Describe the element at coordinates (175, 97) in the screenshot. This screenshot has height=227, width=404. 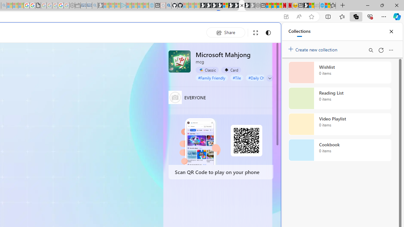
I see `'EVERYONE'` at that location.